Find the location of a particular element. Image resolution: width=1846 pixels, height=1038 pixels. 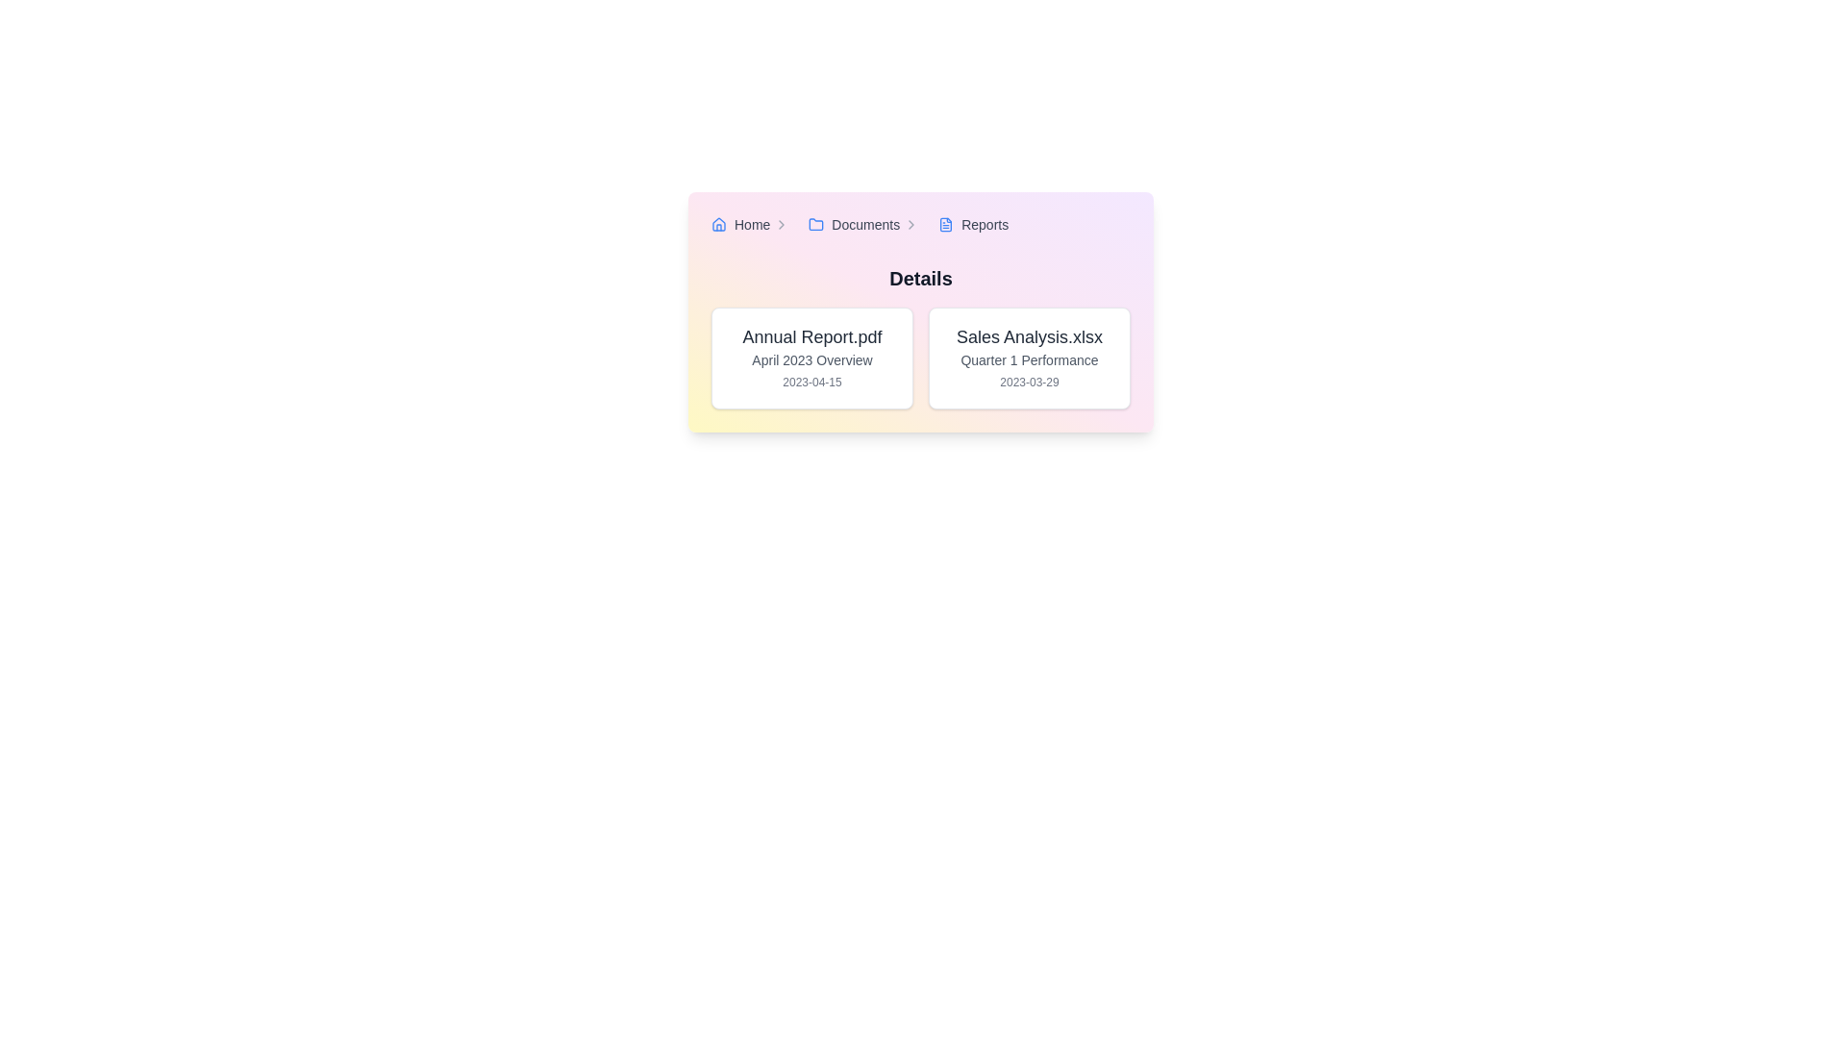

the small blue file document icon located to the left of the 'Reports' text label in the breadcrumb navigation panel is located at coordinates (946, 224).